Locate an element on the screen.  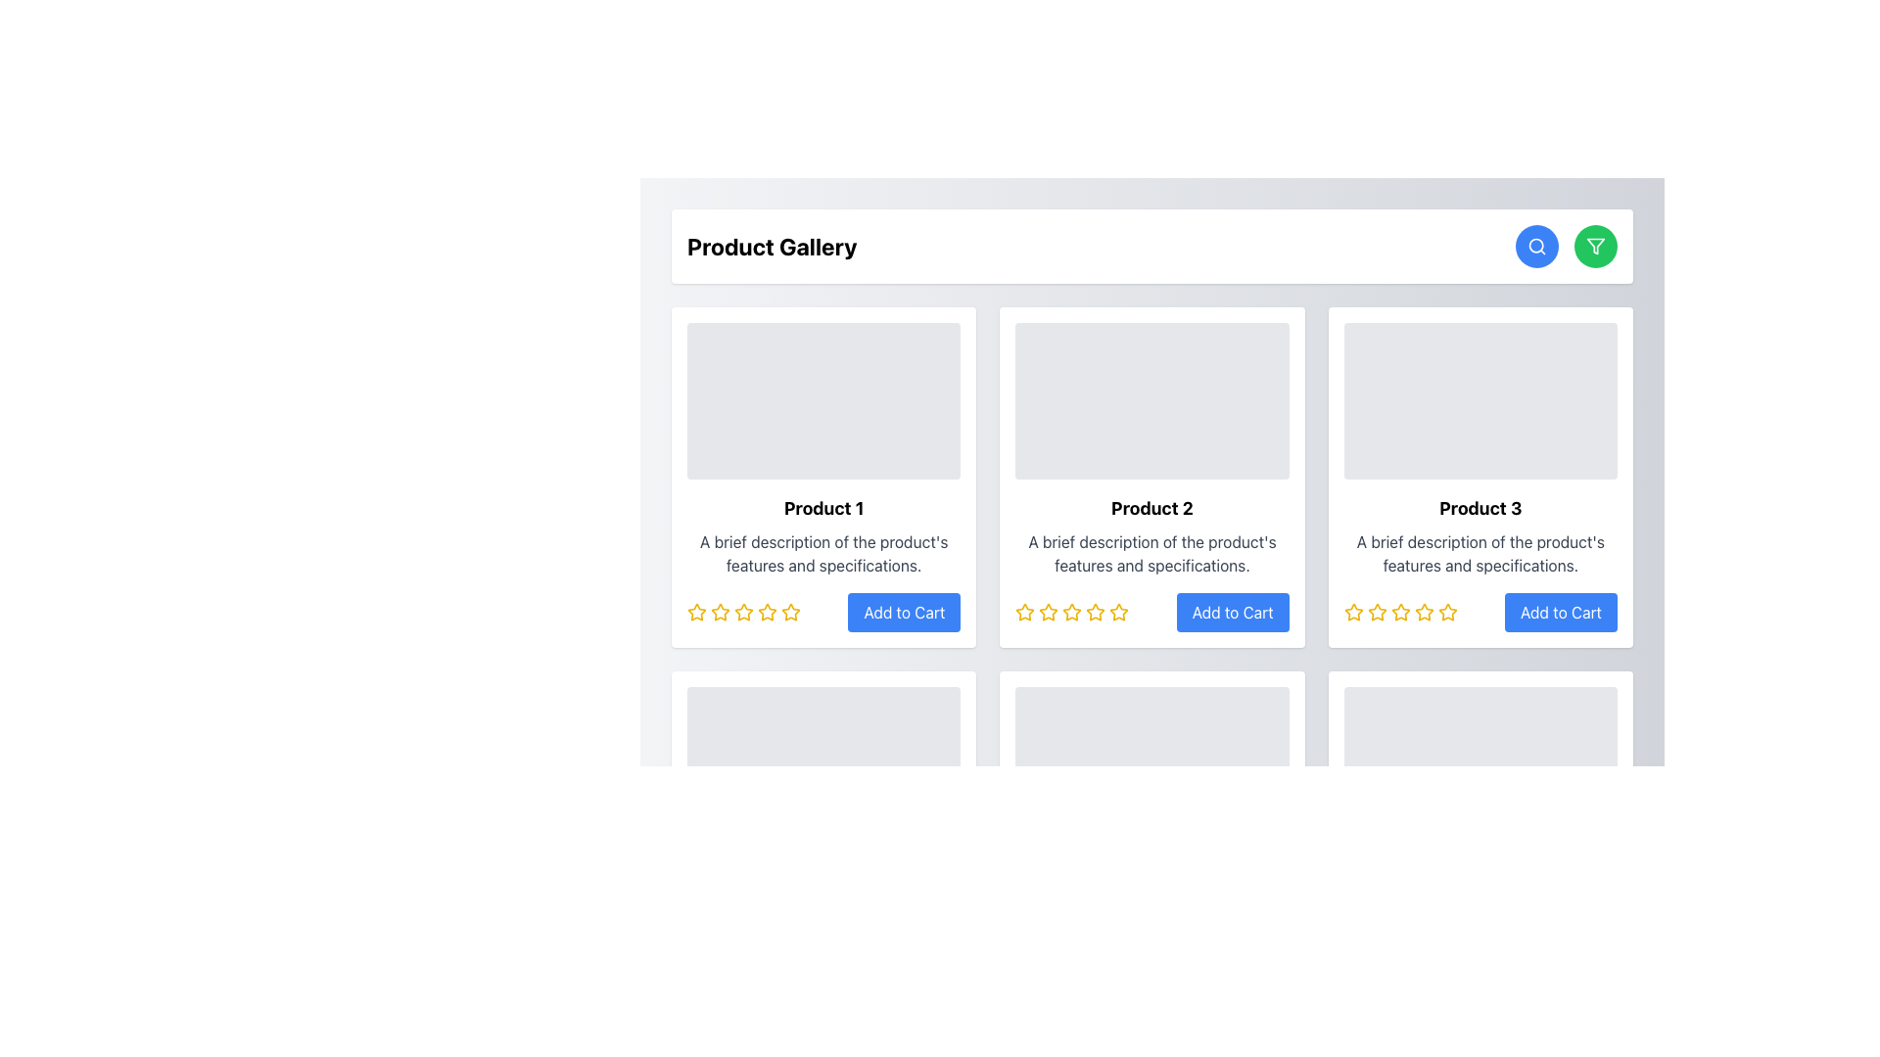
the second star icon in the star rating component below the 'Product 2' card is located at coordinates (1048, 611).